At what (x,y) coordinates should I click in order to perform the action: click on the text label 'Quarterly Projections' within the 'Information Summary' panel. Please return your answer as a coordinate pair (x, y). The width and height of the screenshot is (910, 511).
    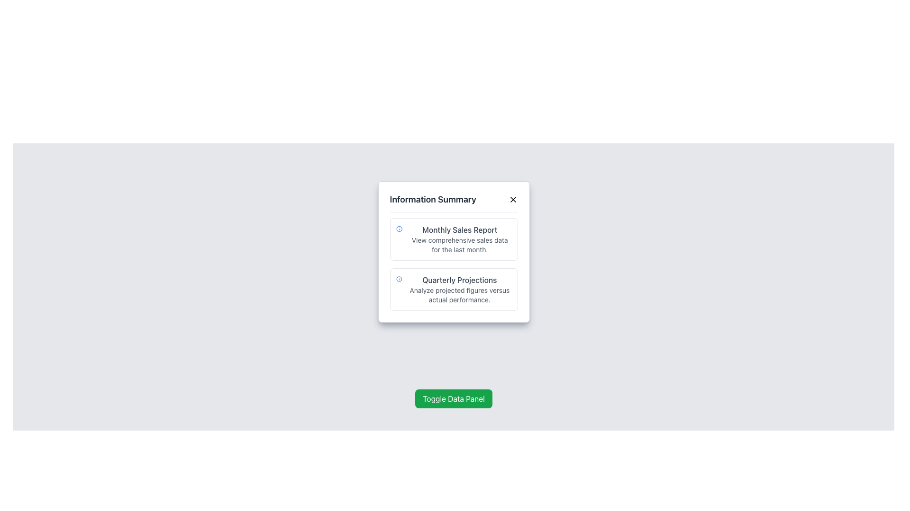
    Looking at the image, I should click on (459, 279).